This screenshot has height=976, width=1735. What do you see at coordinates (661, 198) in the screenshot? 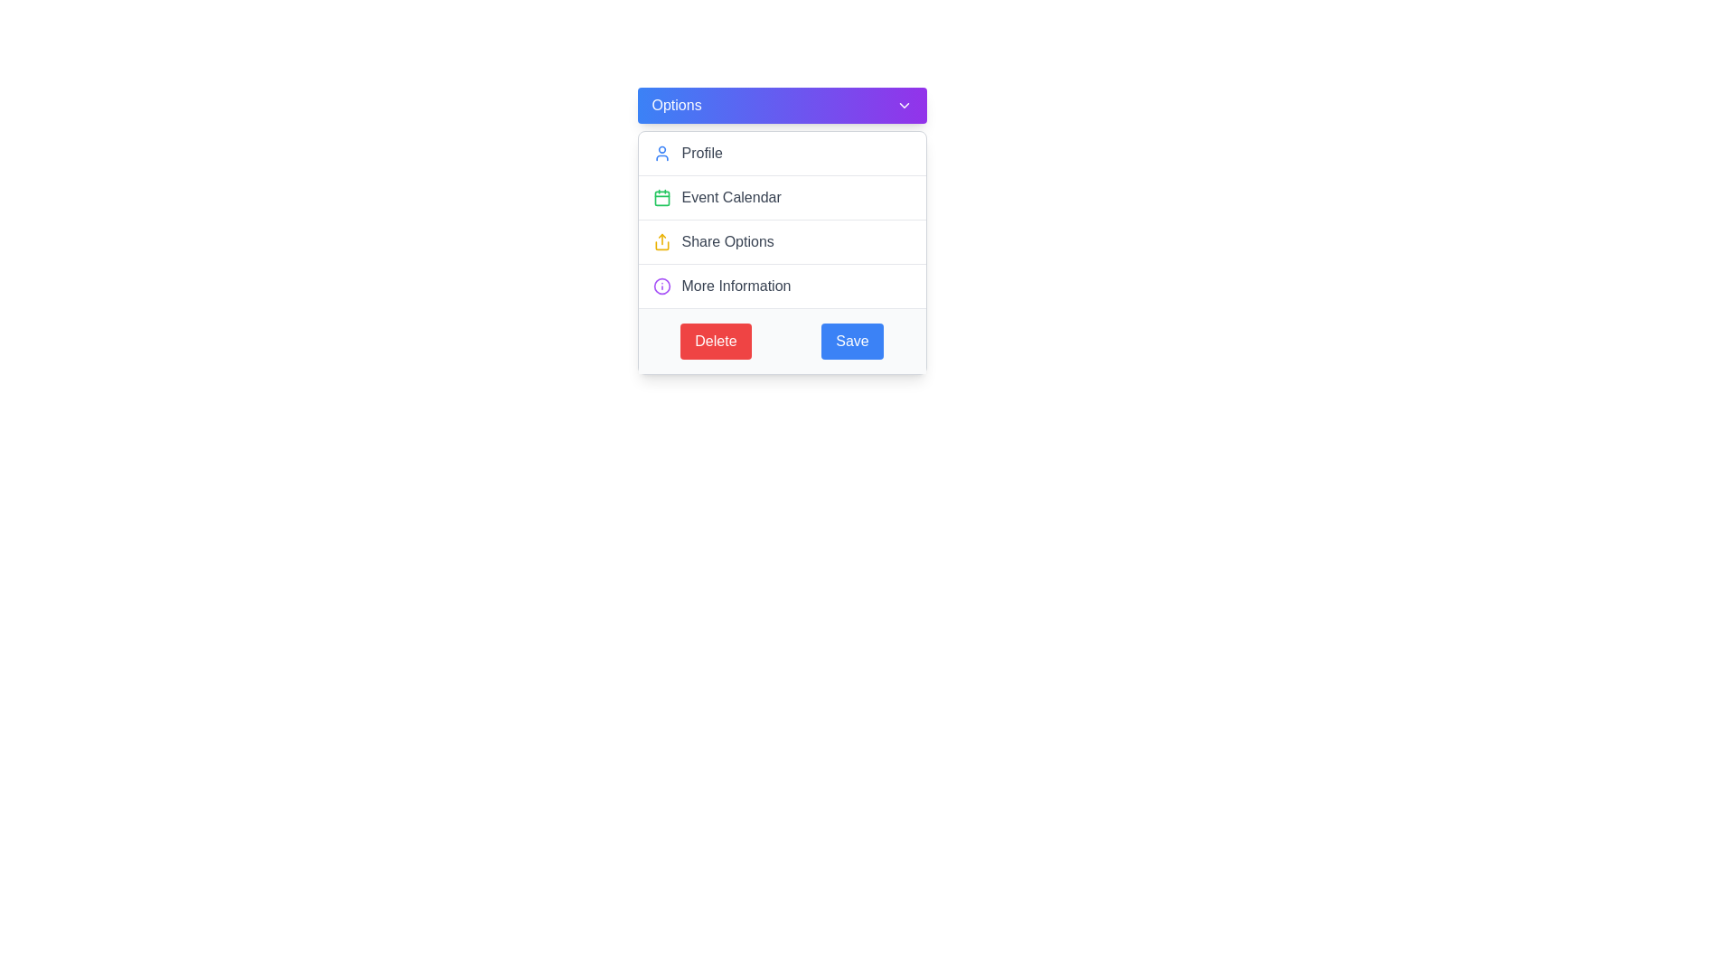
I see `the rectangular body of the calendar icon located in the second row of the dropdown menu next to 'Event Calendar'` at bounding box center [661, 198].